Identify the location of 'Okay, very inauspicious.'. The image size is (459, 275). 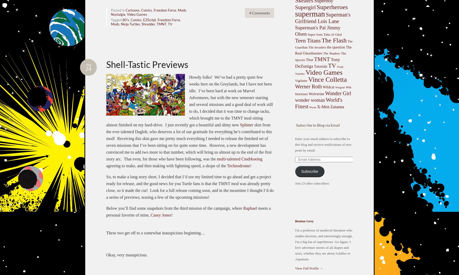
(127, 254).